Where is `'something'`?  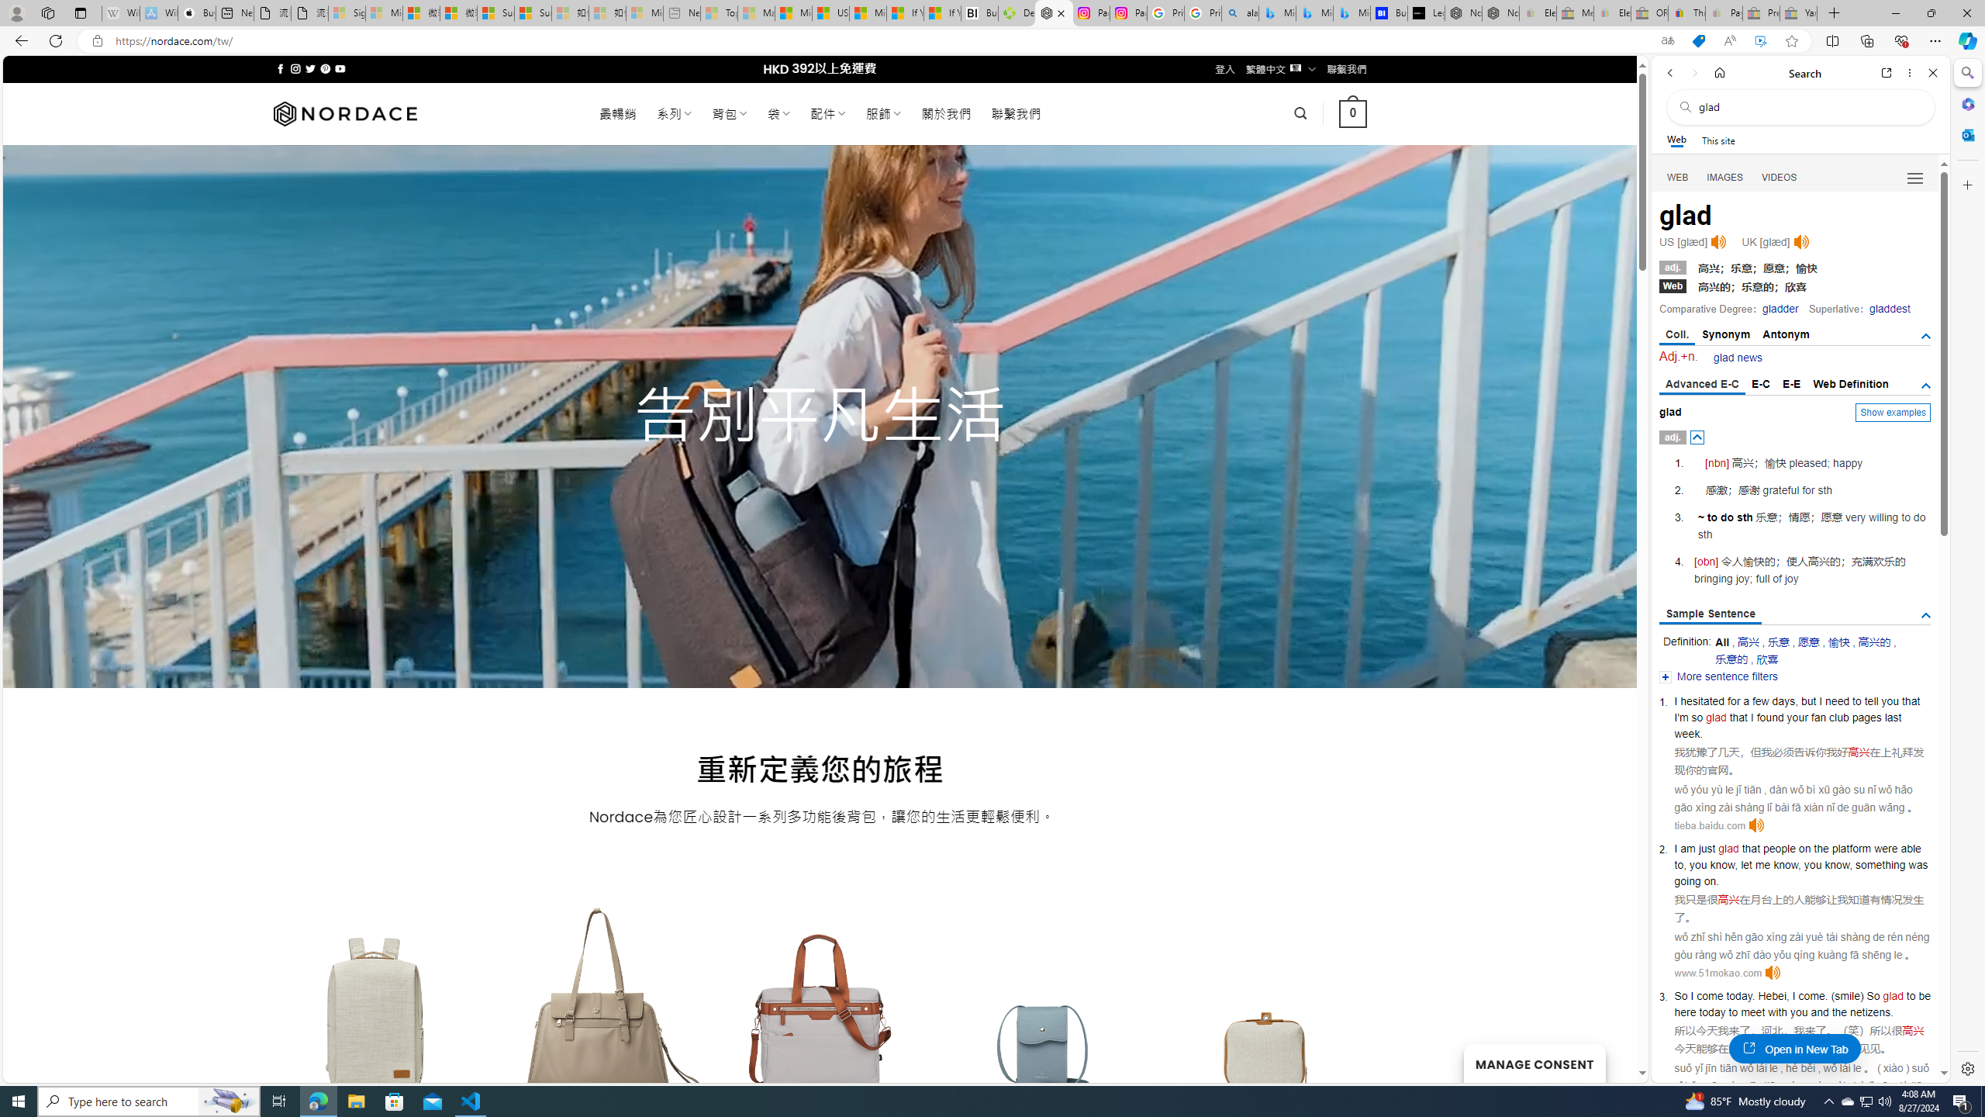
'something' is located at coordinates (1880, 864).